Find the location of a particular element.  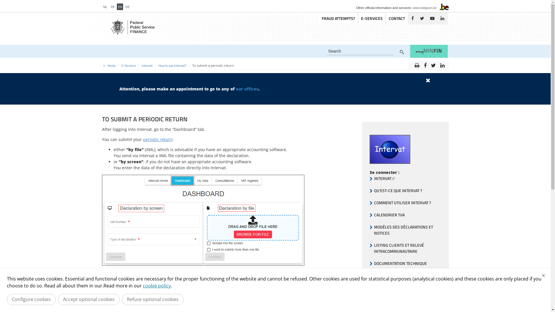

'CONTACT' is located at coordinates (386, 18).